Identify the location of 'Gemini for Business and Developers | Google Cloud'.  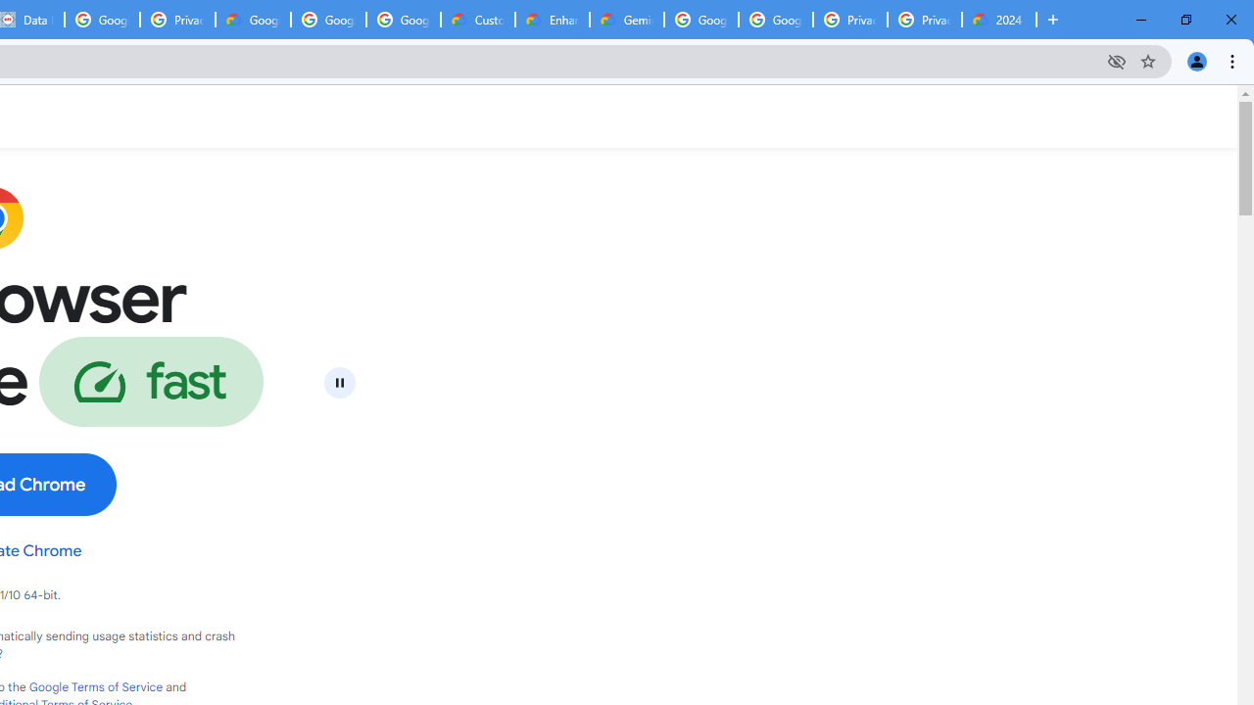
(627, 20).